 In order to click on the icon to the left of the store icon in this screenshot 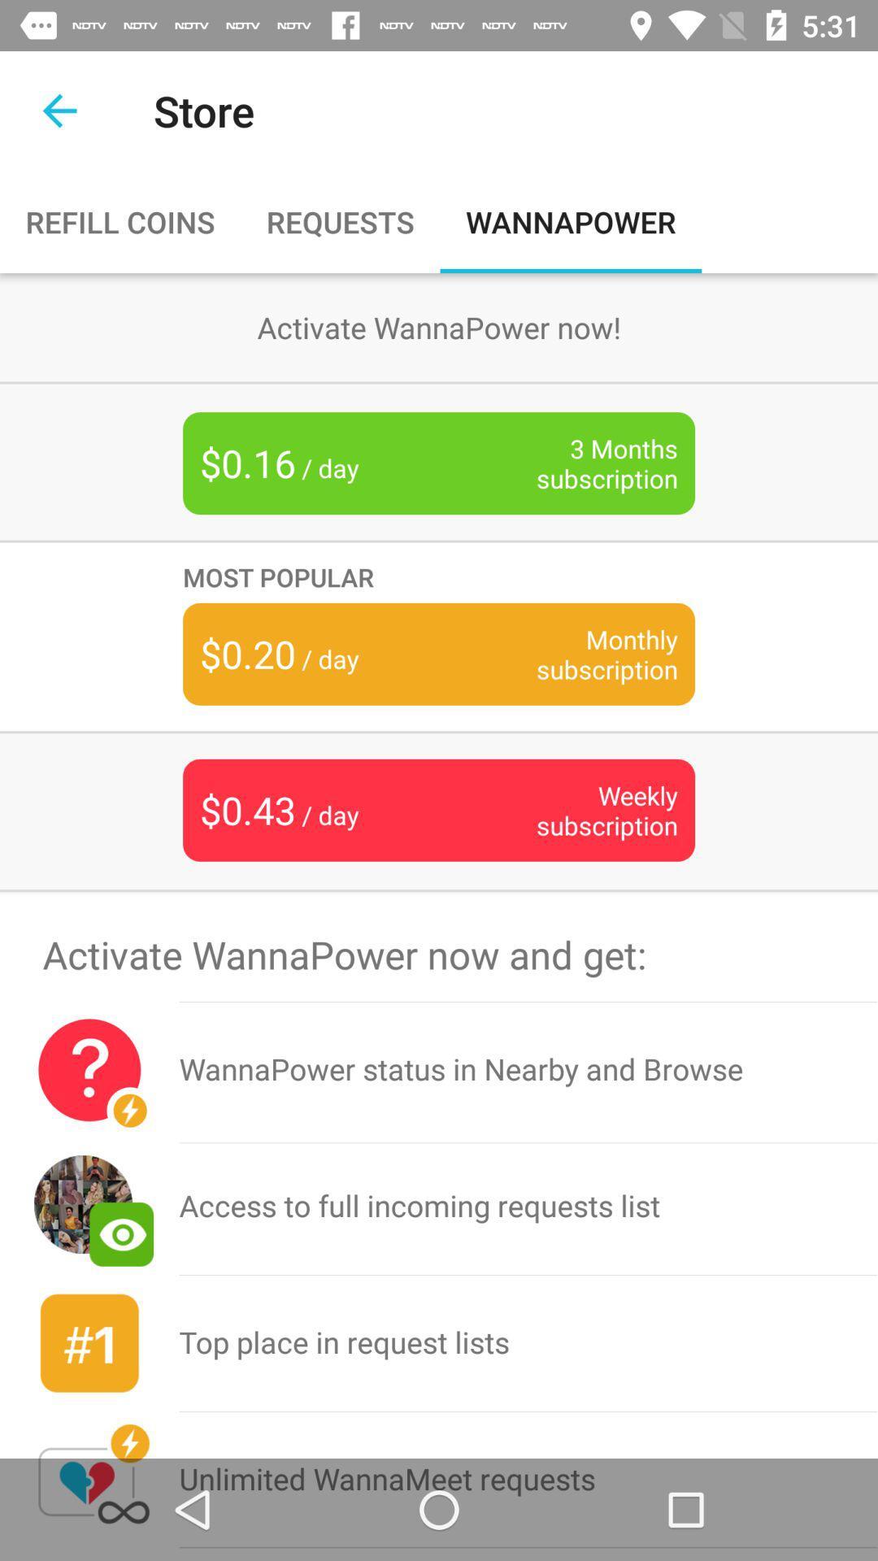, I will do `click(59, 110)`.